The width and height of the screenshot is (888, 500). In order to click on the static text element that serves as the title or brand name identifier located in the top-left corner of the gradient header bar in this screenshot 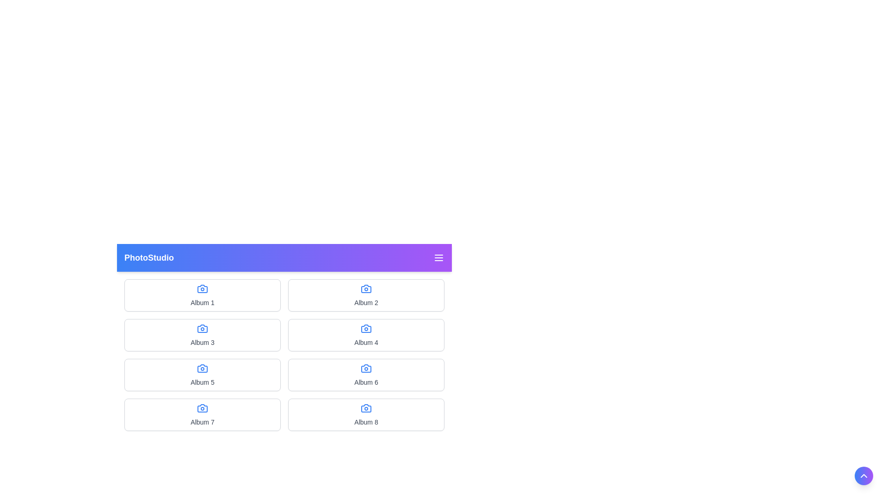, I will do `click(149, 257)`.